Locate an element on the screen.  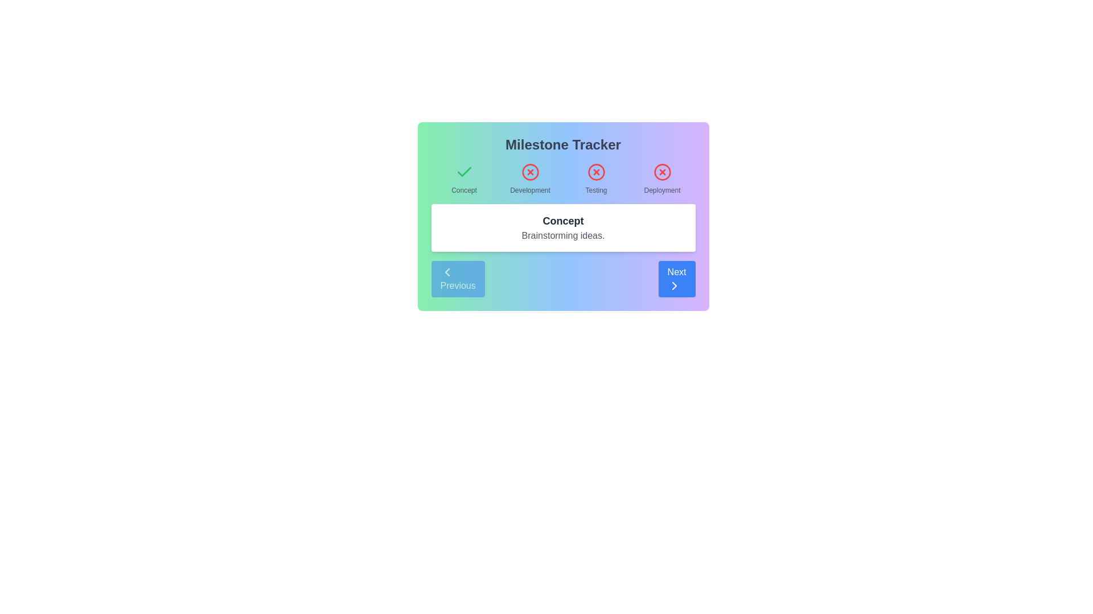
the information displayed in the Informational box that contains the text 'Concept' and 'Brainstorming ideas.' positioned below the milestones in the Milestone Tracker interface is located at coordinates (563, 228).